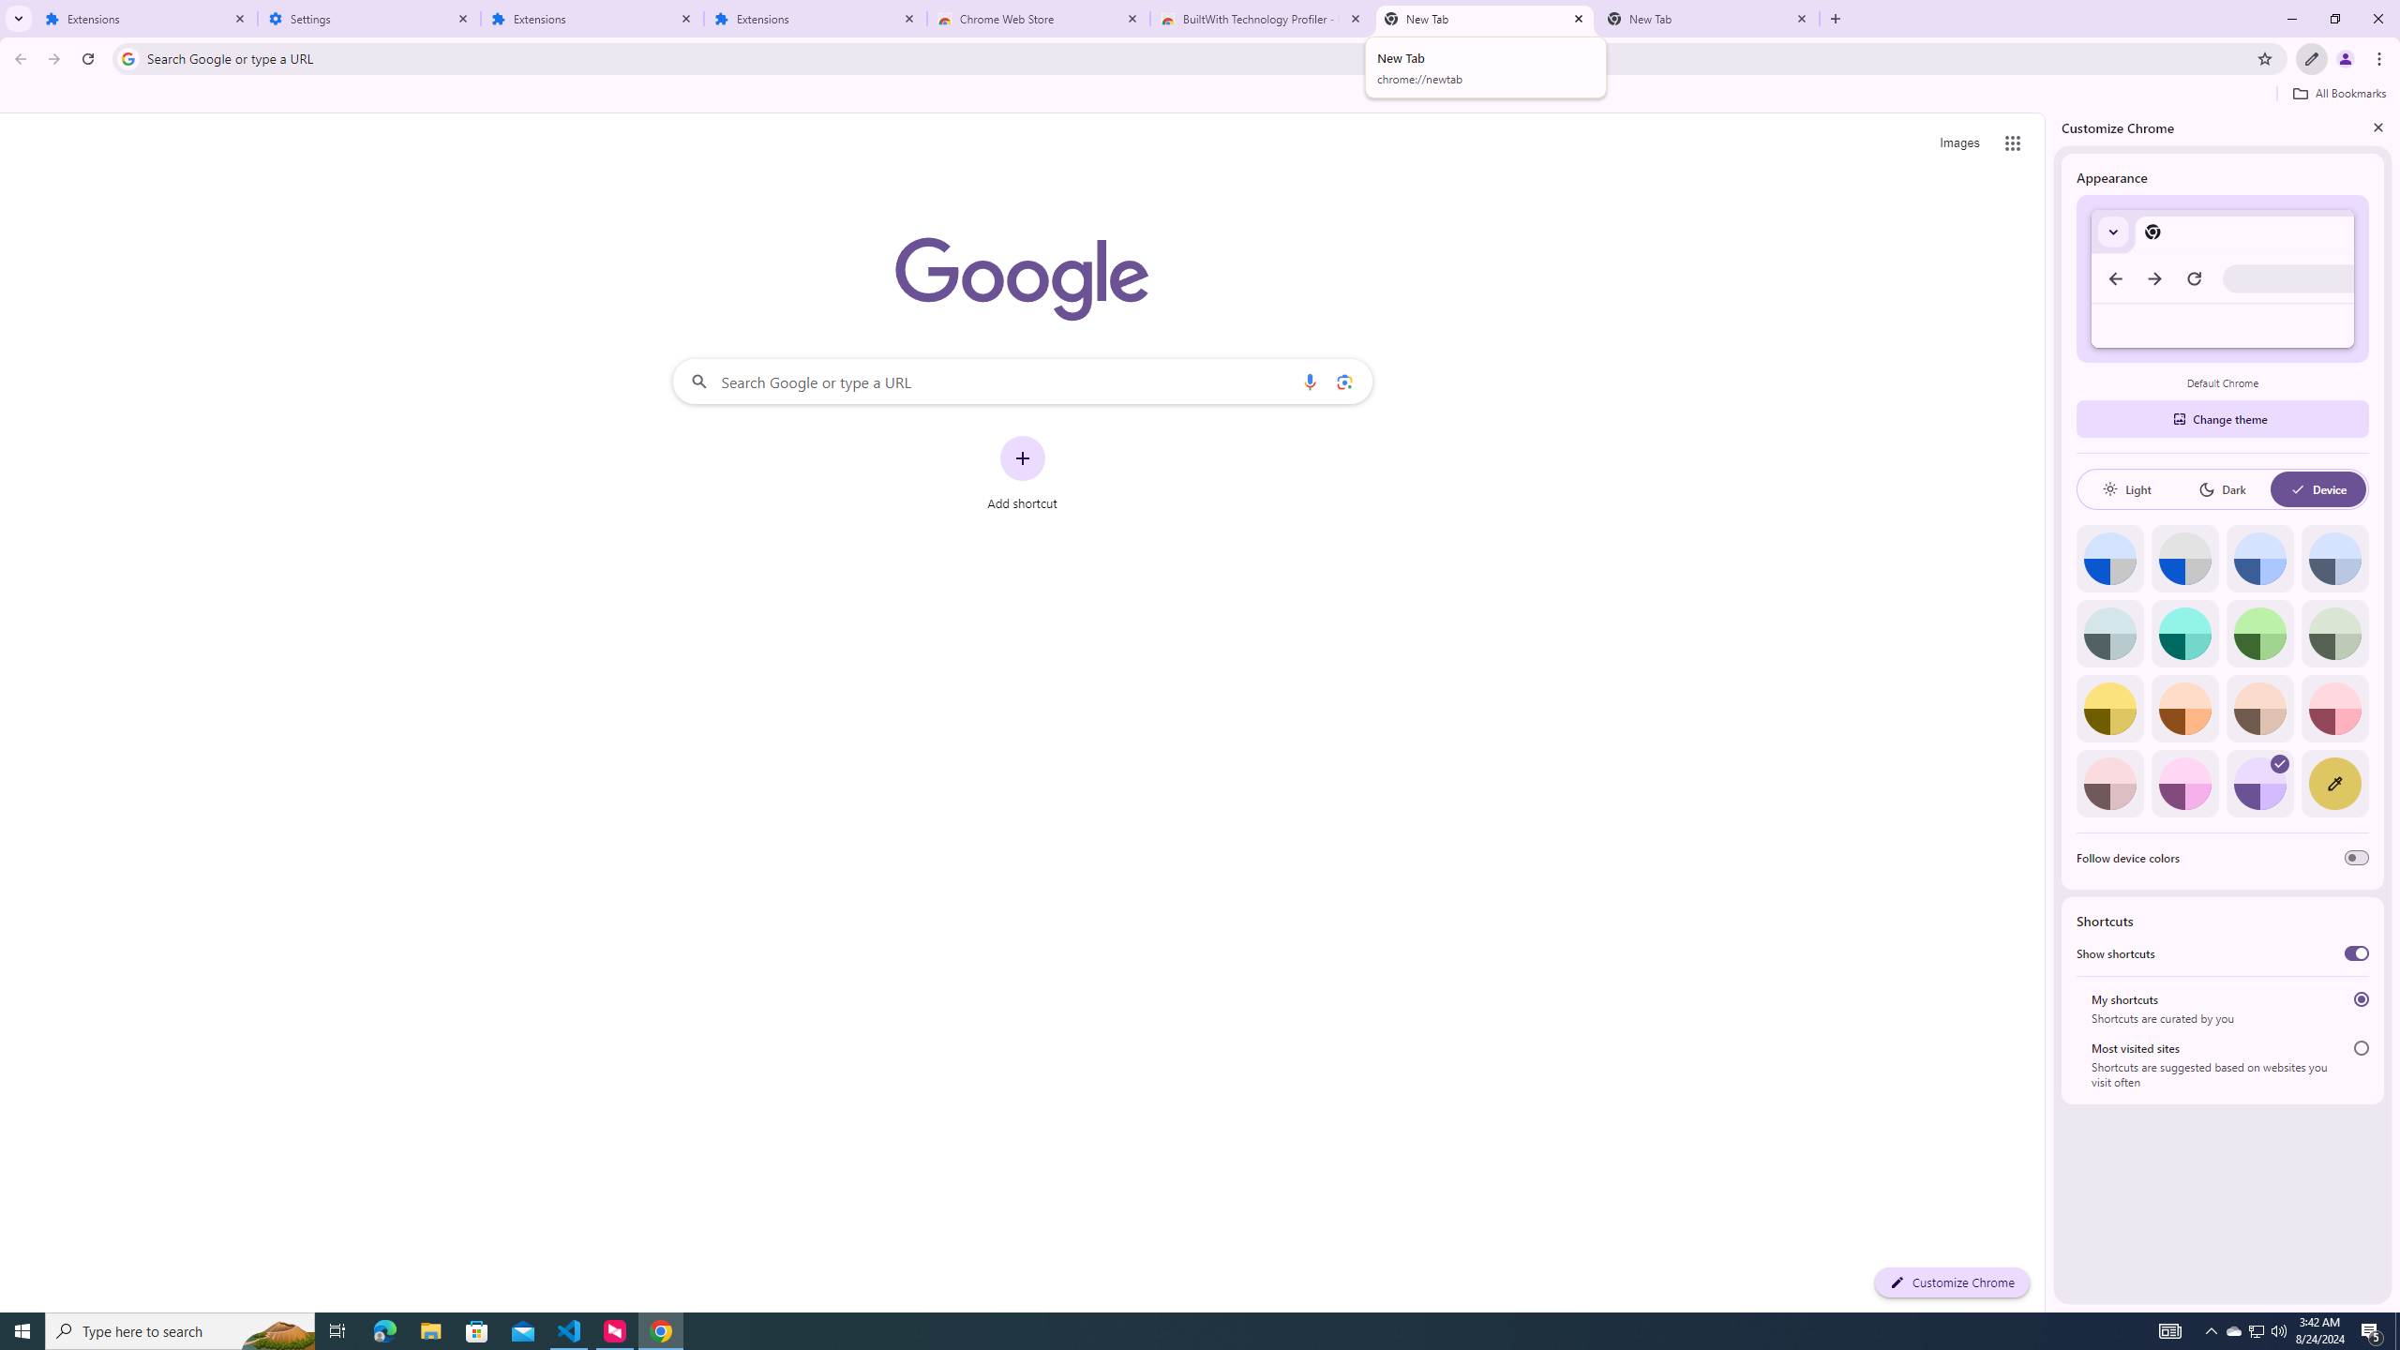 The width and height of the screenshot is (2400, 1350). Describe the element at coordinates (2259, 708) in the screenshot. I see `'Apricot'` at that location.